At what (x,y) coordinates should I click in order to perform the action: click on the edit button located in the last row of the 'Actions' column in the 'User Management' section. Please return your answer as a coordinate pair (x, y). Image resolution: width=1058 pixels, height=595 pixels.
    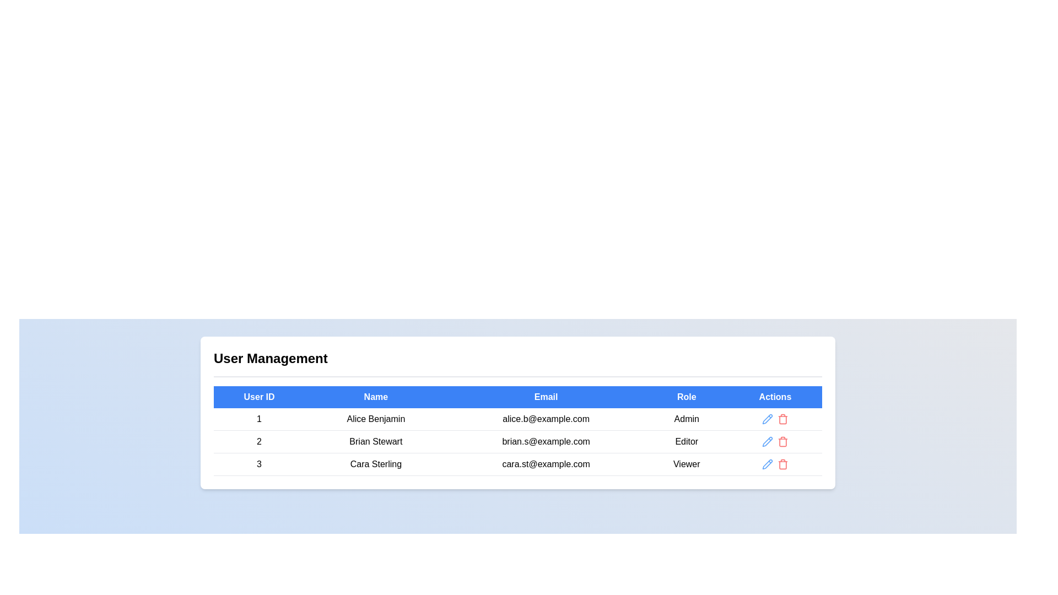
    Looking at the image, I should click on (766, 464).